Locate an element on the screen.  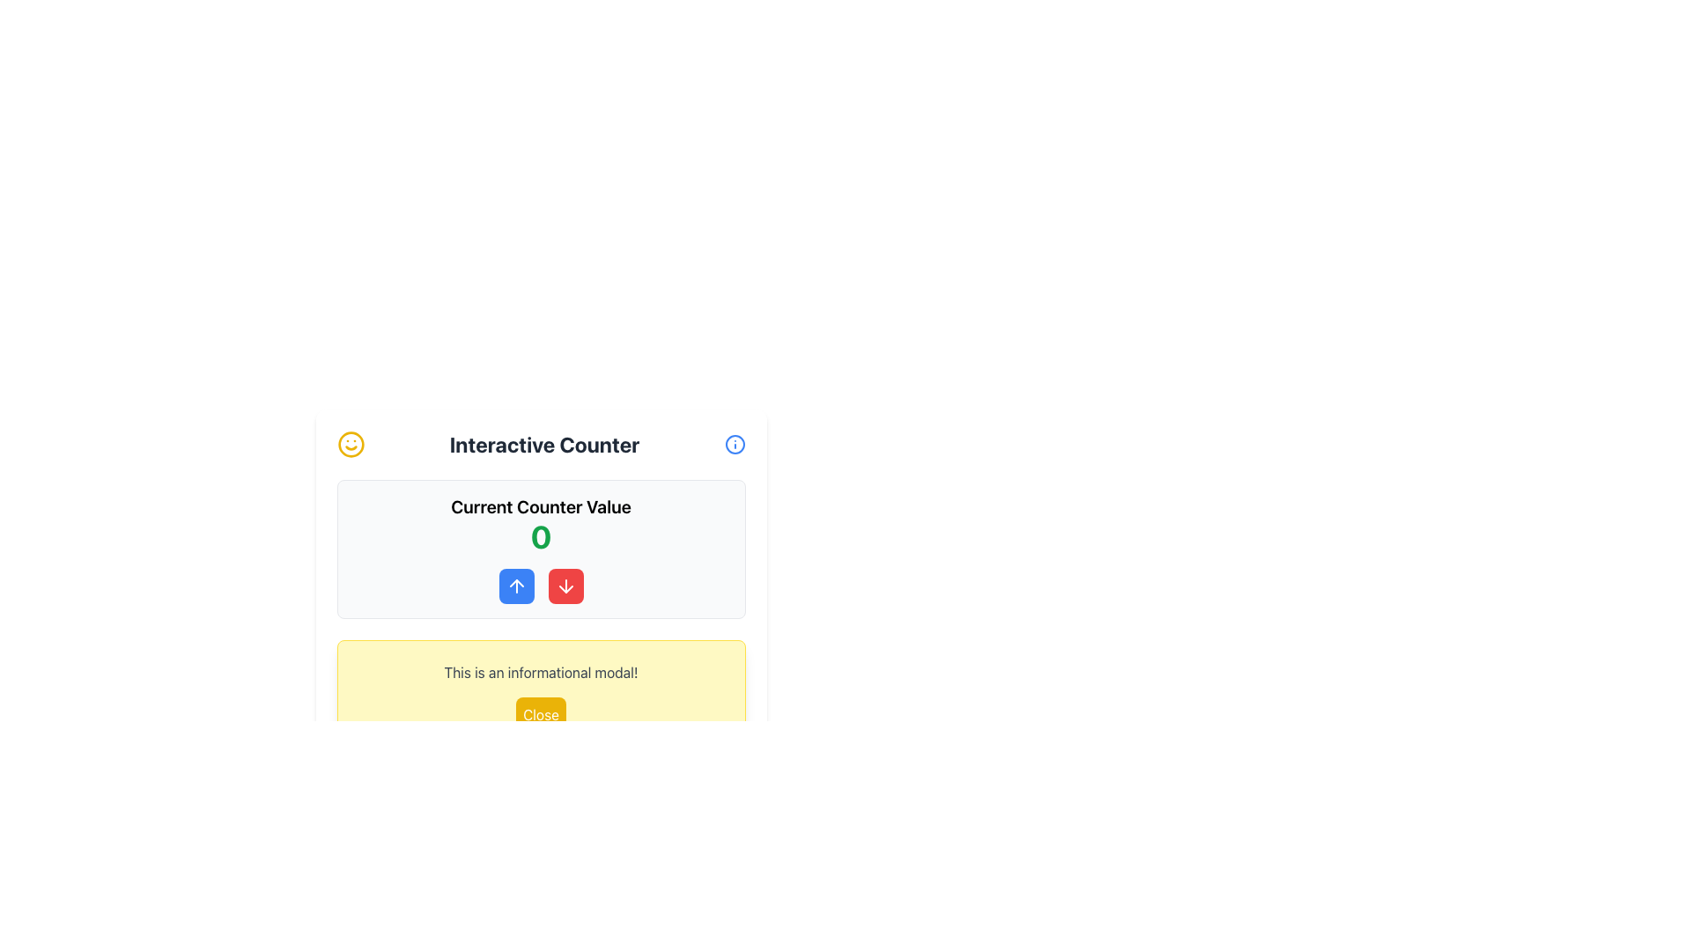
the graphic icon in the center of the blue button below the 'Current Counter Value' display is located at coordinates (515, 586).